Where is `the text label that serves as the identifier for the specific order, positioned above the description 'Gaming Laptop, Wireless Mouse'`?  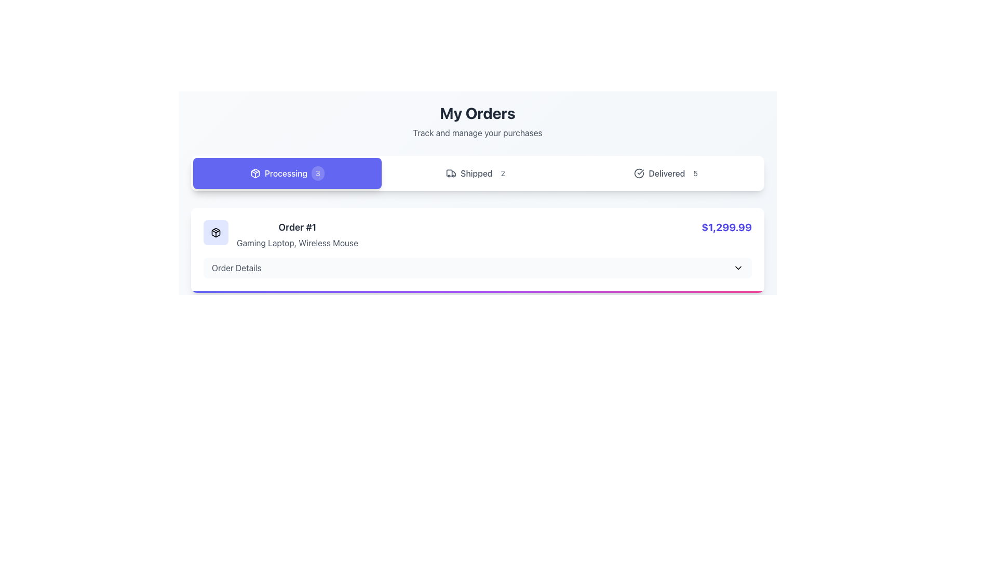
the text label that serves as the identifier for the specific order, positioned above the description 'Gaming Laptop, Wireless Mouse' is located at coordinates (297, 227).